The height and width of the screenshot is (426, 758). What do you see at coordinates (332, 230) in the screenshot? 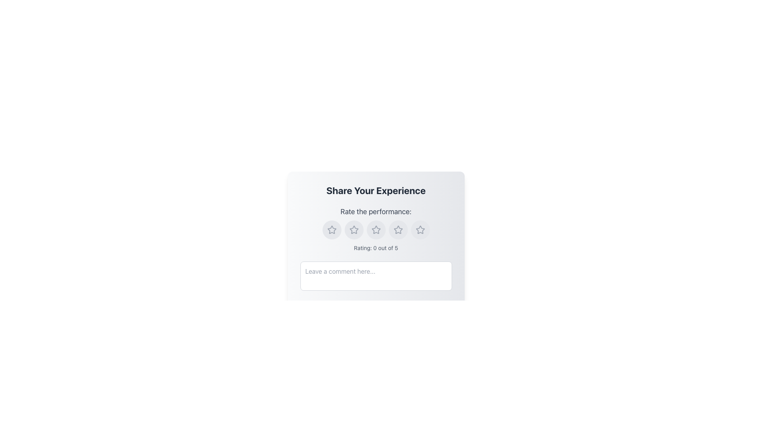
I see `the first star icon in the rating system` at bounding box center [332, 230].